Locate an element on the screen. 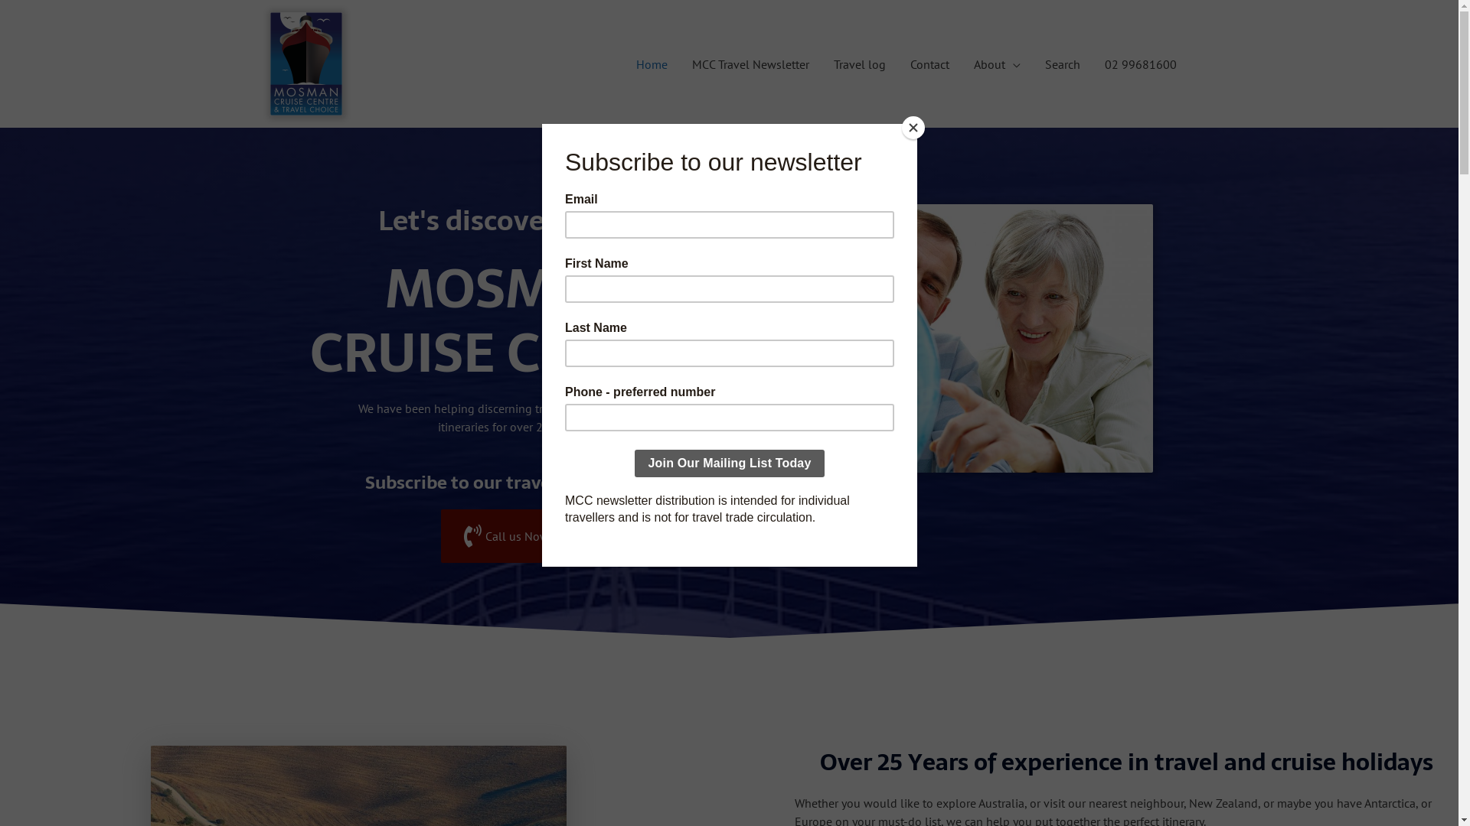 The height and width of the screenshot is (826, 1470). 'Subscribe to our travel newsletter' is located at coordinates (508, 483).